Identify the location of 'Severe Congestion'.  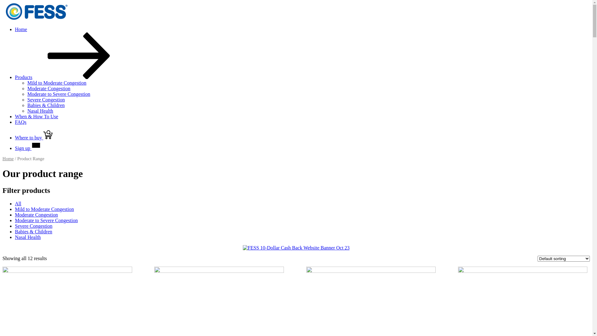
(33, 226).